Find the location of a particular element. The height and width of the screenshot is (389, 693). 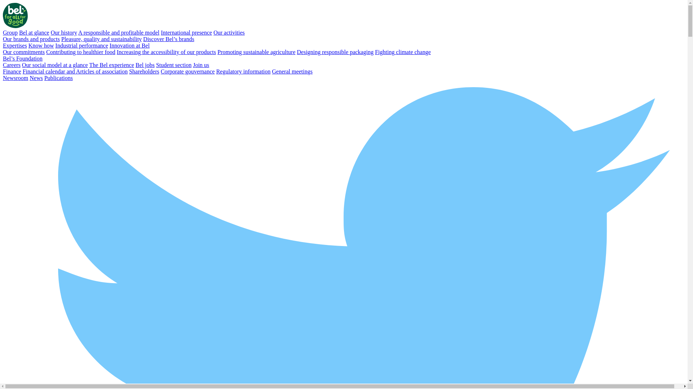

'Contributing to healthier food' is located at coordinates (46, 52).